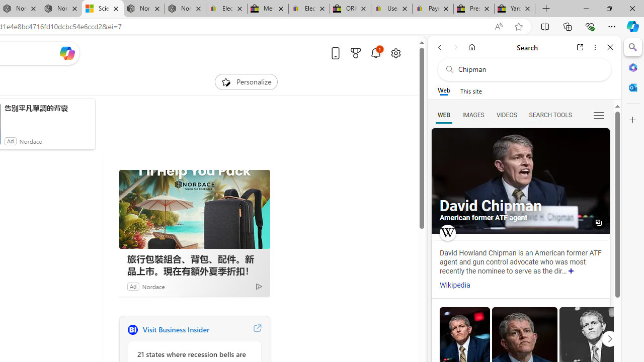  I want to click on 'SEARCH TOOLS', so click(549, 114).